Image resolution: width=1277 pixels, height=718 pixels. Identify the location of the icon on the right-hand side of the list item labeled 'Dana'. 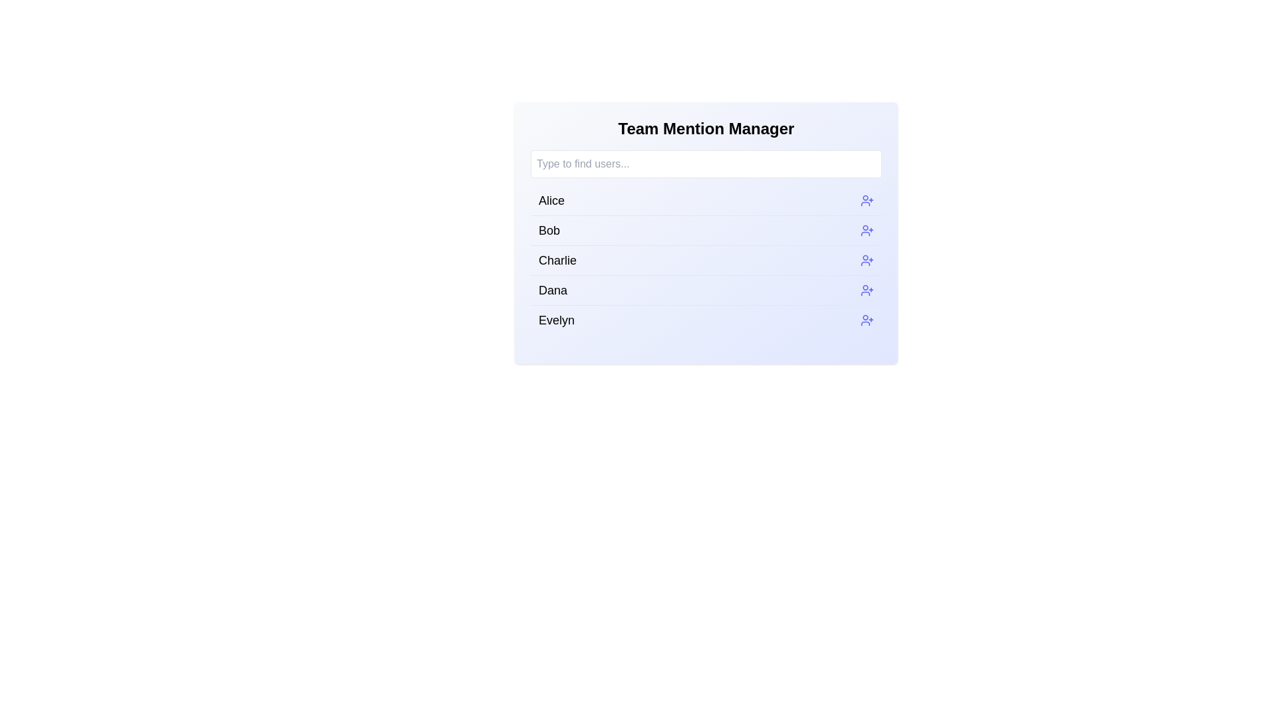
(867, 289).